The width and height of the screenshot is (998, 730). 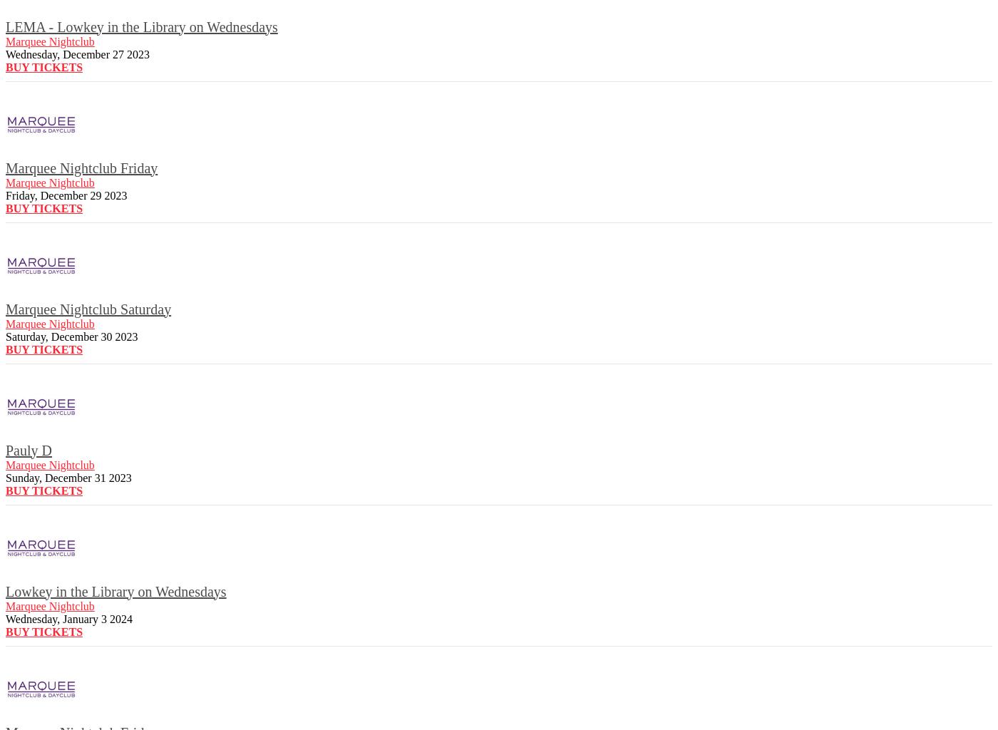 What do you see at coordinates (5, 590) in the screenshot?
I see `'Lowkey in the Library on Wednesdays'` at bounding box center [5, 590].